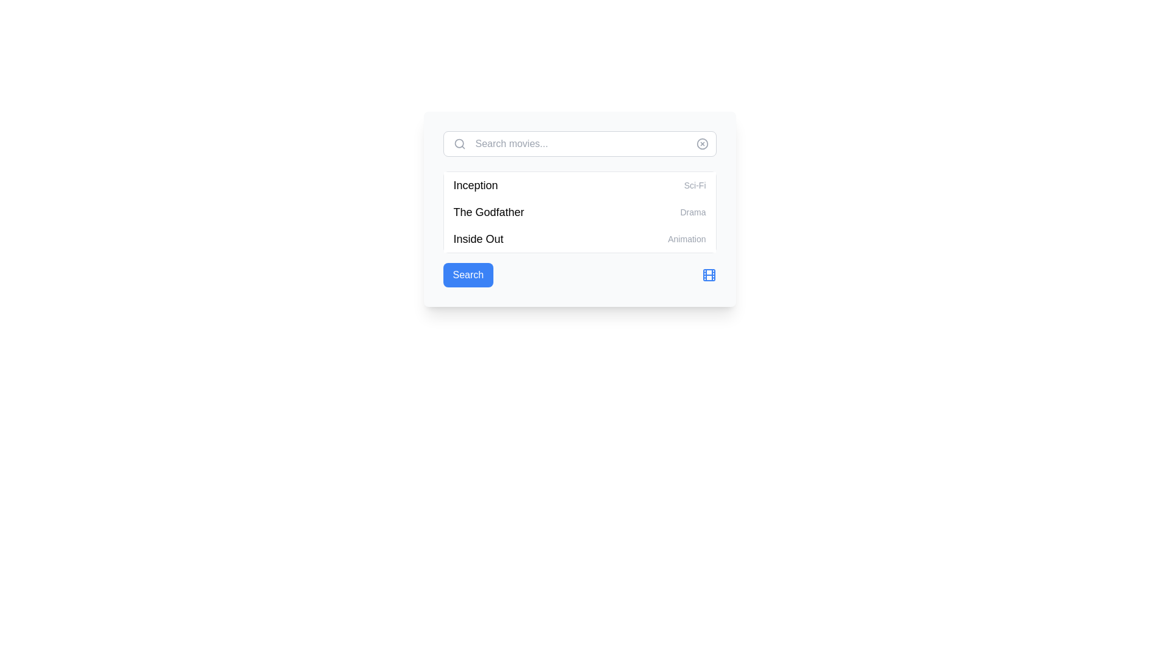 The image size is (1171, 659). What do you see at coordinates (702, 143) in the screenshot?
I see `the circular close button with a gray border and cross icon, located to the far-right side of the search input field` at bounding box center [702, 143].